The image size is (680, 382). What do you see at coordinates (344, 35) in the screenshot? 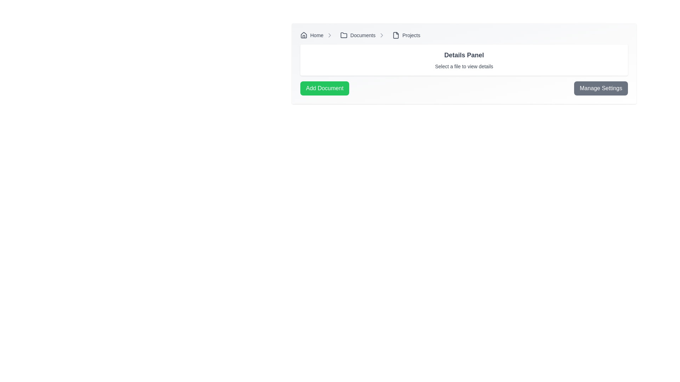
I see `the folder icon in the breadcrumb navigation bar next to the text 'Documents'` at bounding box center [344, 35].